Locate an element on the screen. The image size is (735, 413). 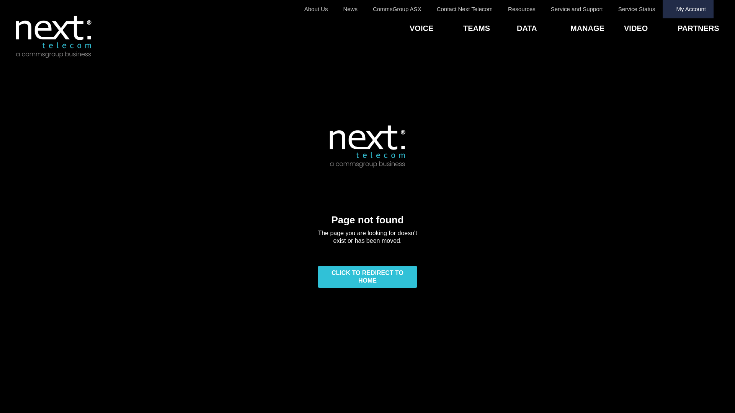
'CLICK TO REDIRECT TO HOME' is located at coordinates (318, 277).